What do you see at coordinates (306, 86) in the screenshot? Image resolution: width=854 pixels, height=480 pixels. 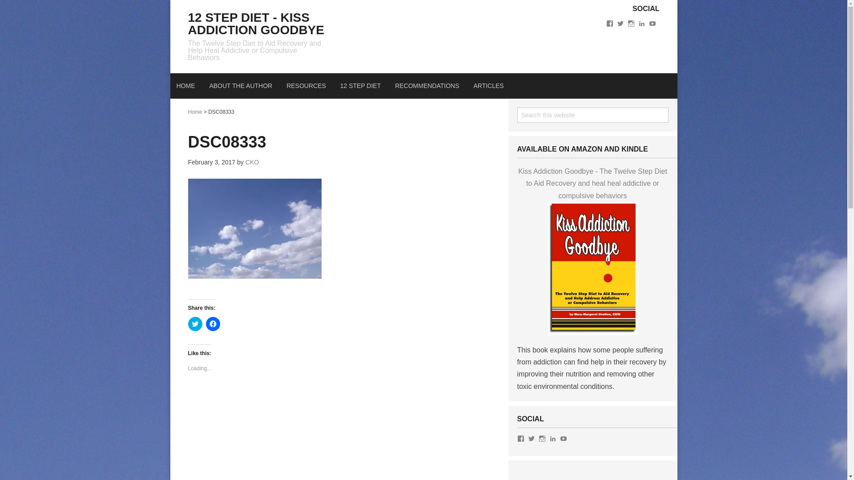 I see `'RESOURCES'` at bounding box center [306, 86].